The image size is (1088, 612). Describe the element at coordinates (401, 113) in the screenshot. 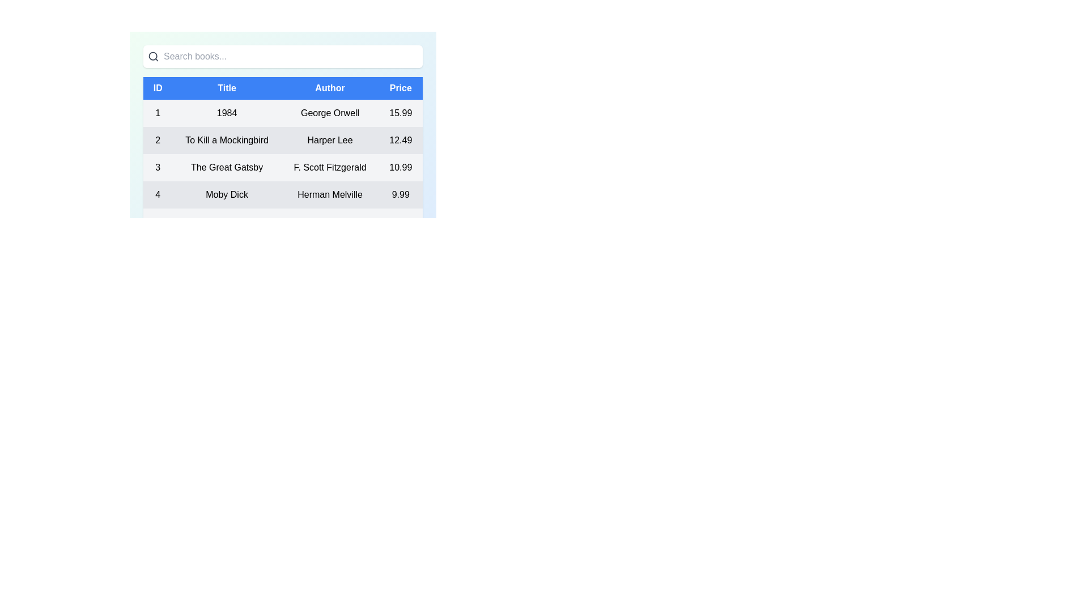

I see `the price text label located in the first data row of the table, specifically the fourth cell under the 'Price' column, which displays the cost of the book` at that location.